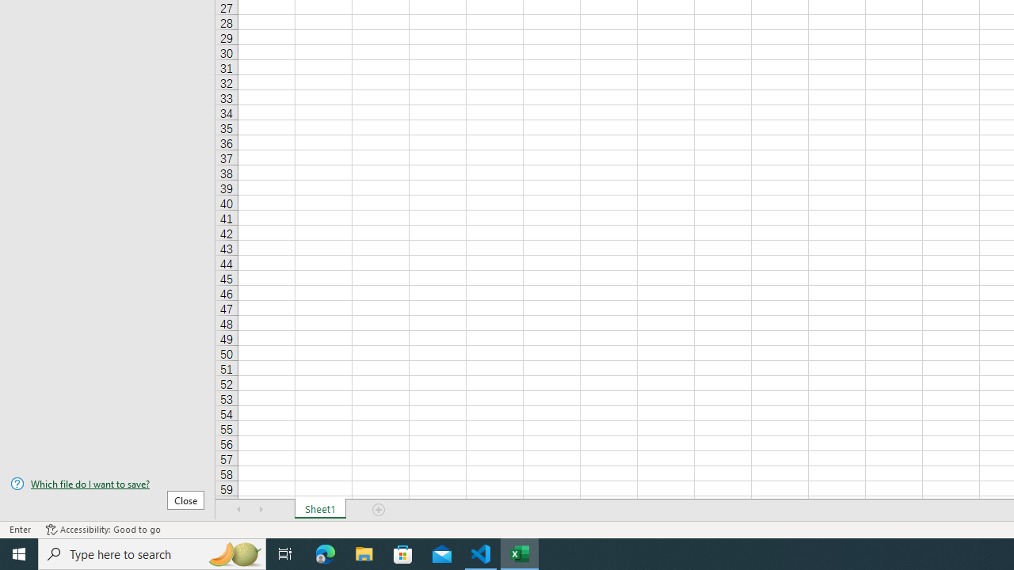  What do you see at coordinates (107, 483) in the screenshot?
I see `'Which file do I want to save?'` at bounding box center [107, 483].